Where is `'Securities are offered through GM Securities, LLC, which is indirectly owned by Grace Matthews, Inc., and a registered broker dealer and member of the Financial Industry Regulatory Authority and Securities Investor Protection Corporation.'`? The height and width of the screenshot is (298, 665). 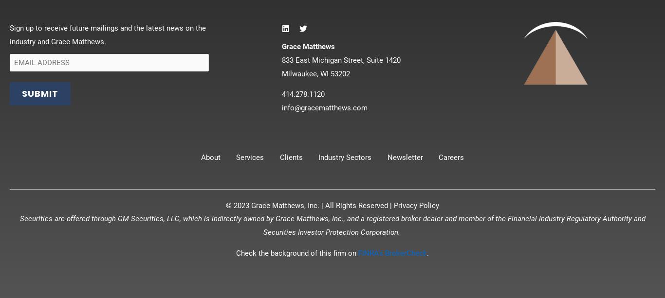 'Securities are offered through GM Securities, LLC, which is indirectly owned by Grace Matthews, Inc., and a registered broker dealer and member of the Financial Industry Regulatory Authority and Securities Investor Protection Corporation.' is located at coordinates (19, 225).